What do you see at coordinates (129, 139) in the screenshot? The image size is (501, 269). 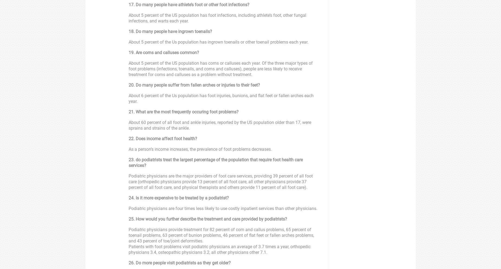 I see `'22. Does income affect foot health?'` at bounding box center [129, 139].